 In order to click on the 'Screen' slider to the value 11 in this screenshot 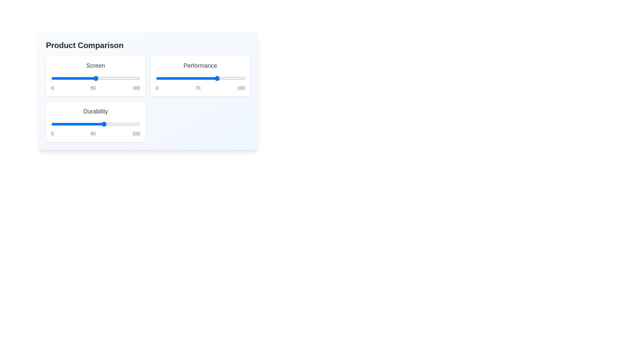, I will do `click(61, 78)`.